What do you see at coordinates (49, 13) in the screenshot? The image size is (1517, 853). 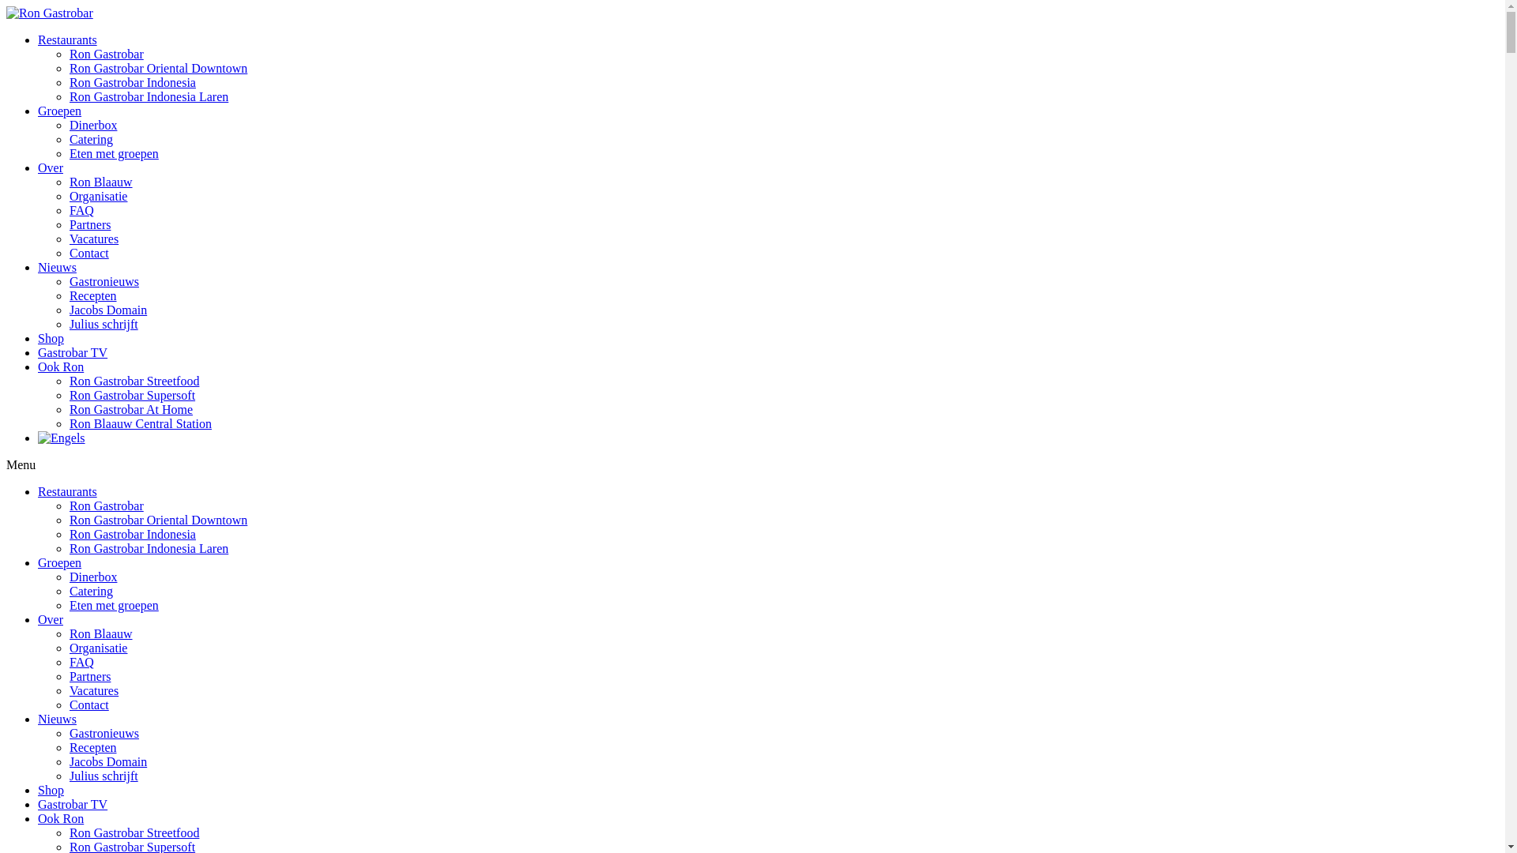 I see `'Logo Ron Gastrobar'` at bounding box center [49, 13].